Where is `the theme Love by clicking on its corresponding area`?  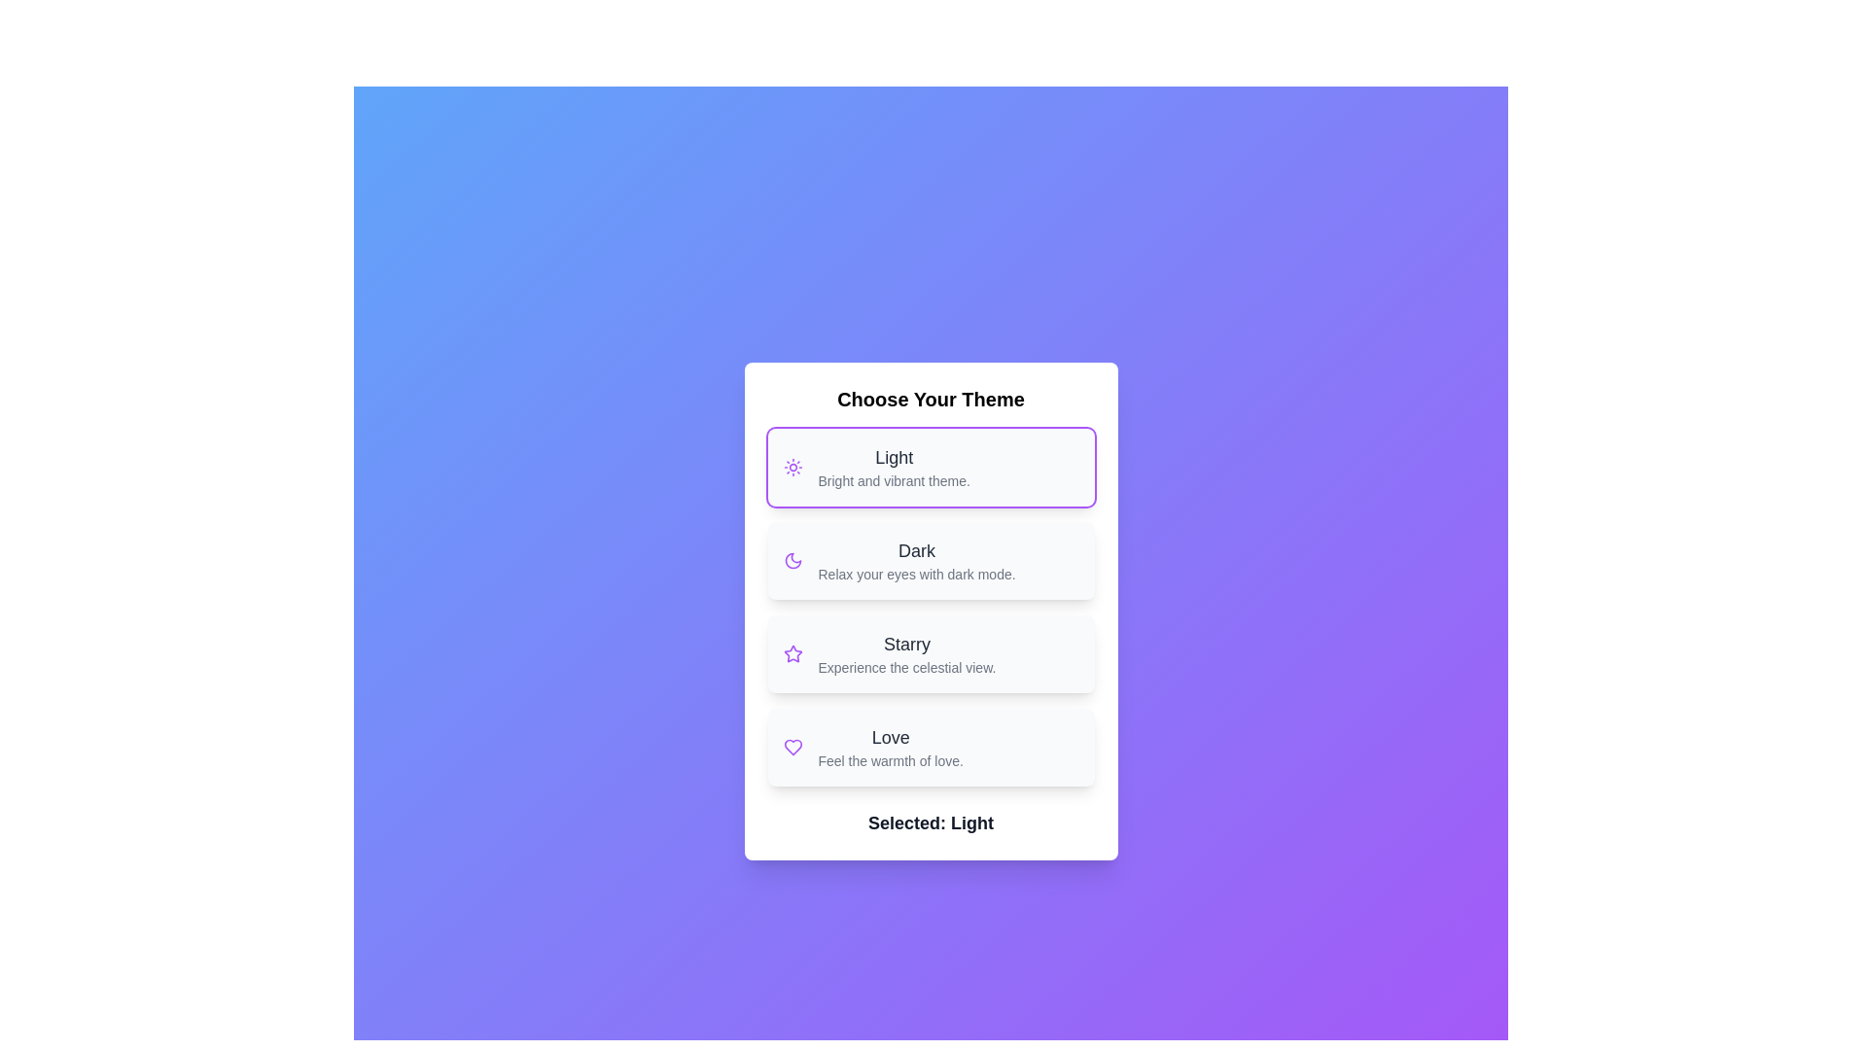 the theme Love by clicking on its corresponding area is located at coordinates (930, 746).